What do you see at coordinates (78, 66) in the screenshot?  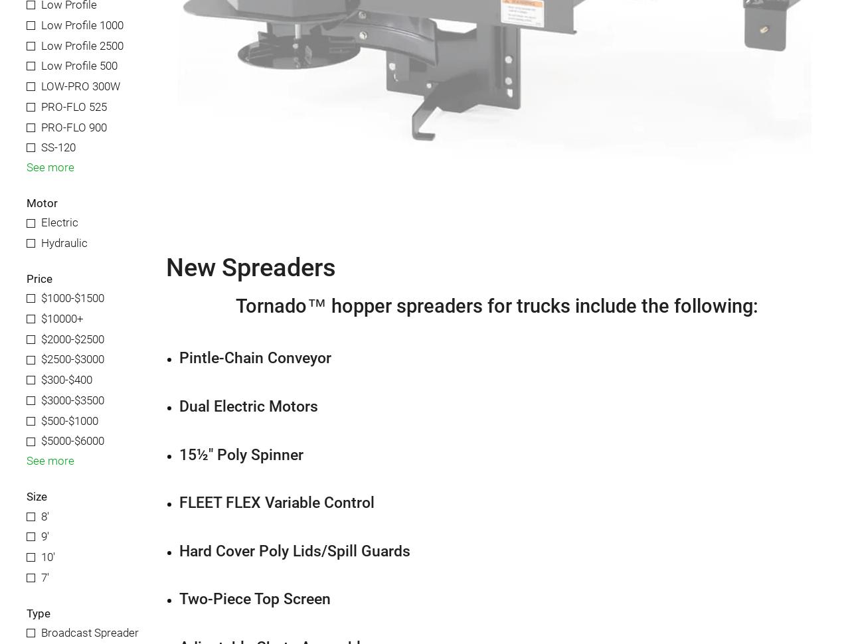 I see `'Low Profile 500'` at bounding box center [78, 66].